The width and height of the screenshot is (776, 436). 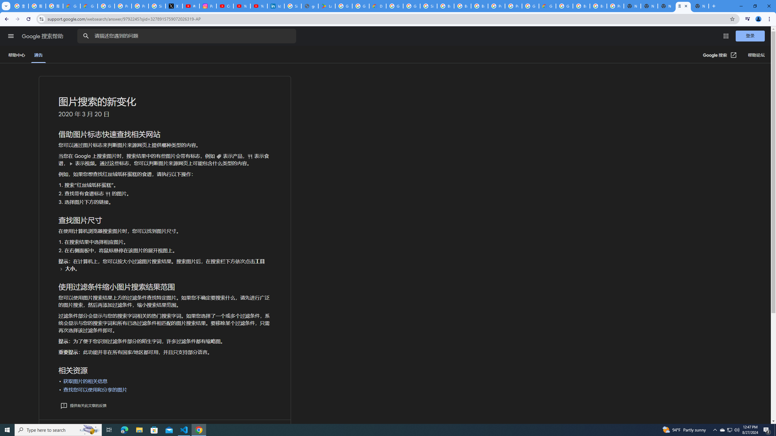 What do you see at coordinates (327, 6) in the screenshot?
I see `'Last Shelter: Survival - Apps on Google Play'` at bounding box center [327, 6].